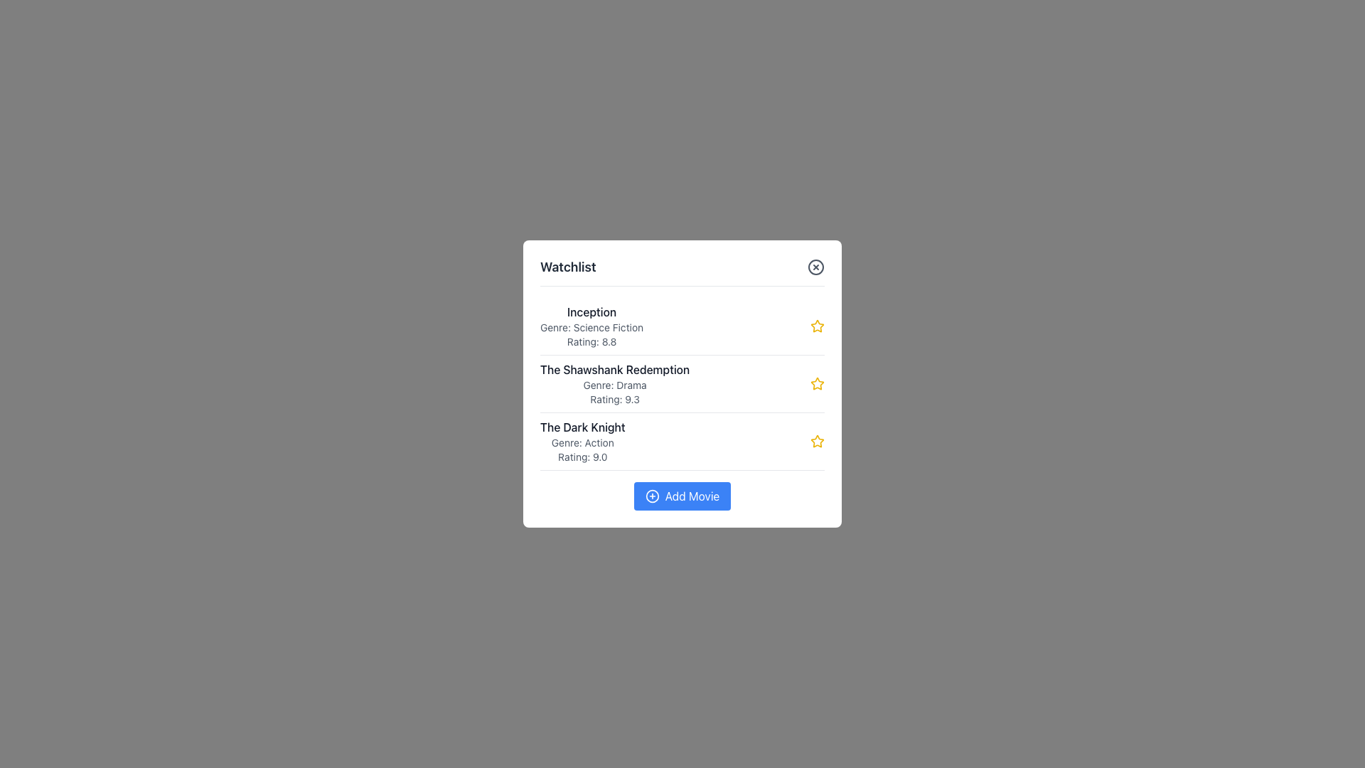 This screenshot has height=768, width=1365. What do you see at coordinates (615, 400) in the screenshot?
I see `the static text label displaying the rating 'Rating: 9.3' for the movie 'The Shawshank Redemption', which is positioned beneath the genre description 'Genre: Drama'` at bounding box center [615, 400].